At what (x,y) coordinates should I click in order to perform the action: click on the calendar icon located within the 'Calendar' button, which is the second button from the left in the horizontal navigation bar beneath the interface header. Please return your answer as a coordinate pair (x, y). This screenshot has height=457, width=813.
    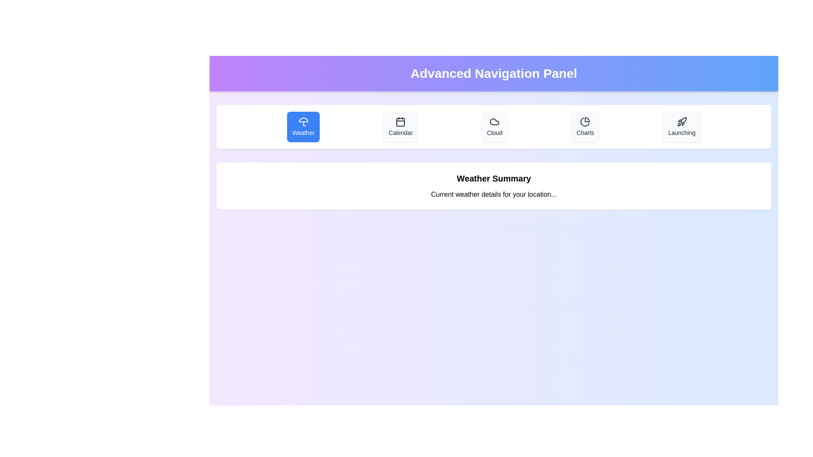
    Looking at the image, I should click on (400, 122).